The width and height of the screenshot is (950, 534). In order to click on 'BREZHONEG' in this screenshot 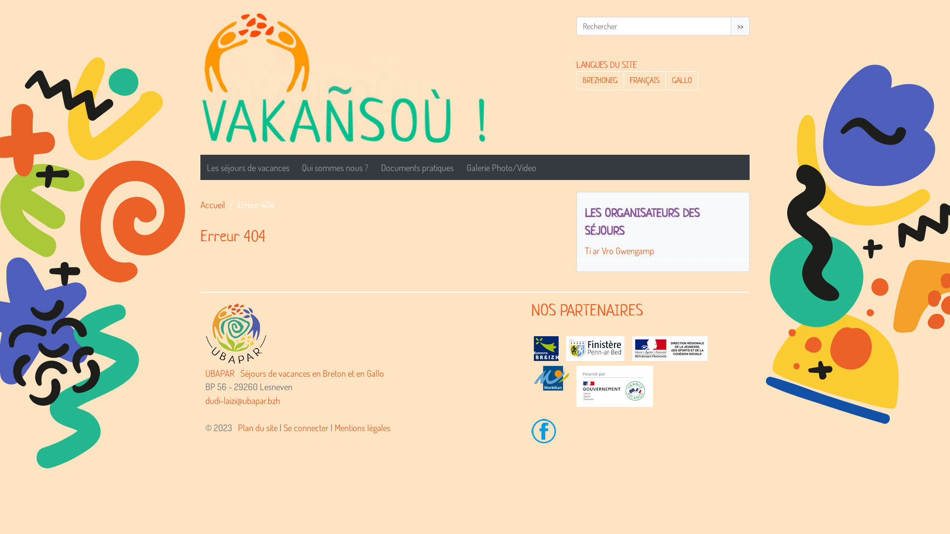, I will do `click(600, 80)`.